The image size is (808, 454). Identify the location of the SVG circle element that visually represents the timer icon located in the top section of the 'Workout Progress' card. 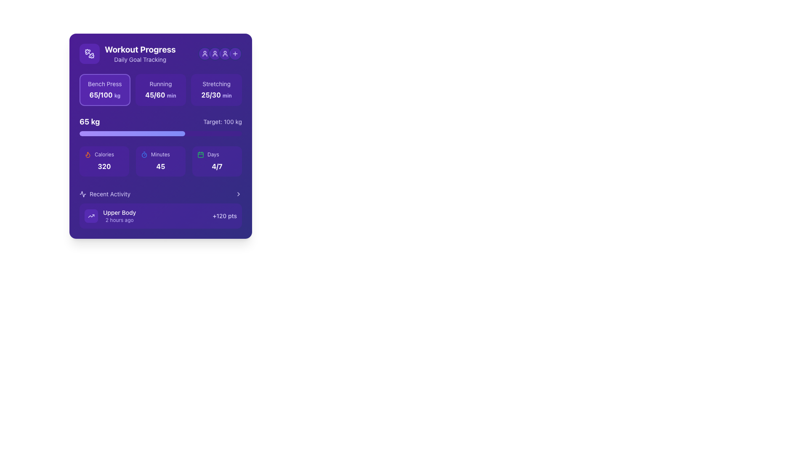
(144, 155).